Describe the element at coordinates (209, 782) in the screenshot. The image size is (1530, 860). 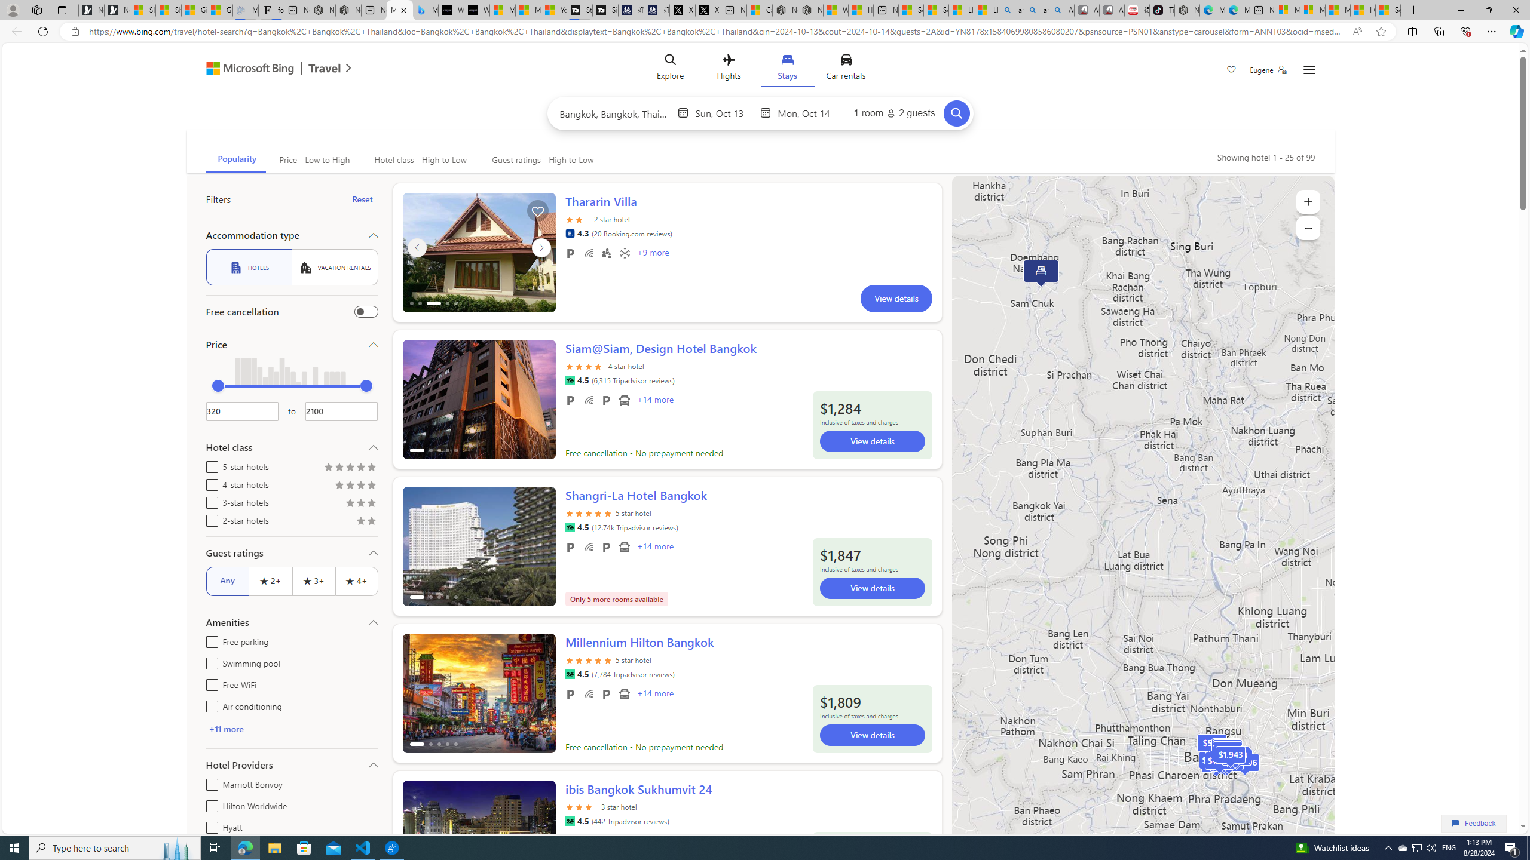
I see `'Marriott Bonvoy'` at that location.